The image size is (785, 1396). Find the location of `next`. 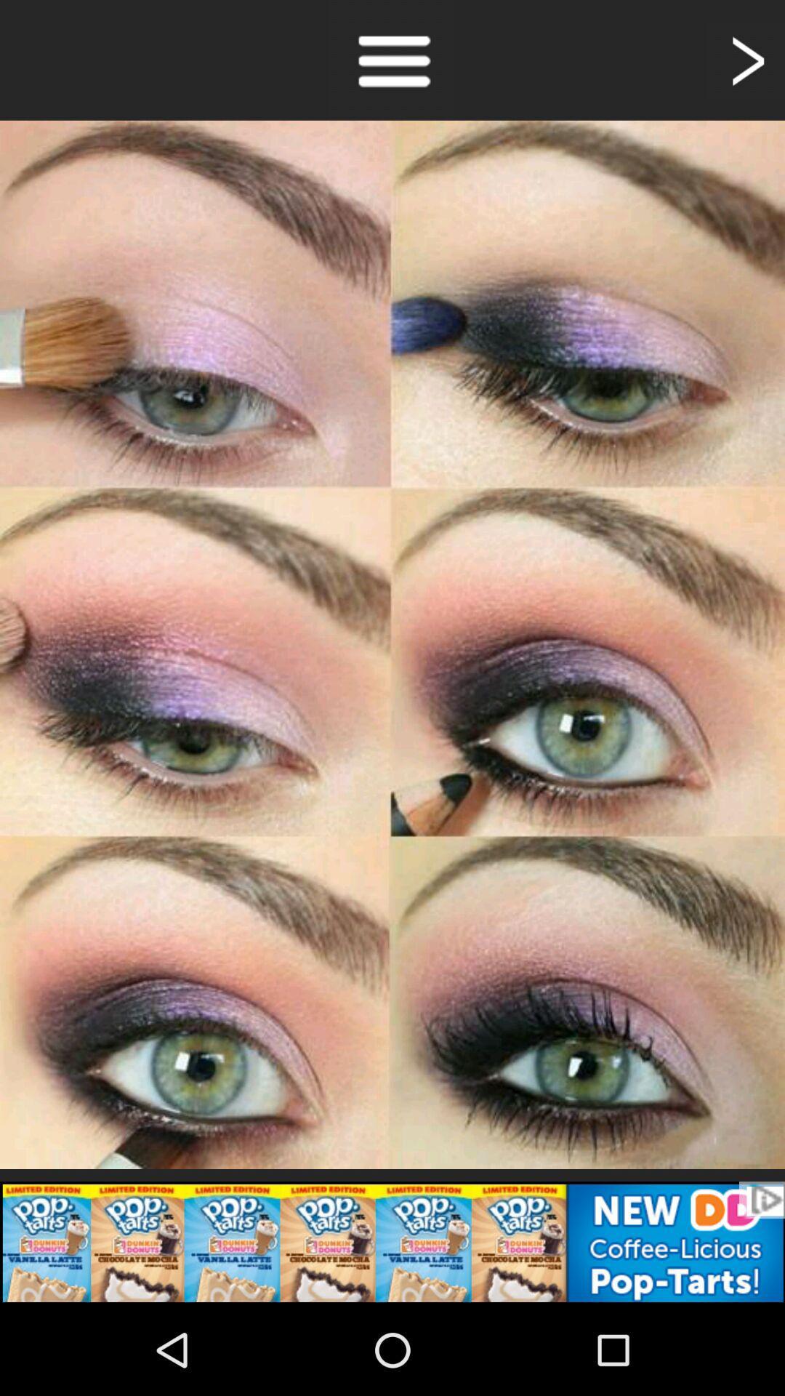

next is located at coordinates (746, 59).